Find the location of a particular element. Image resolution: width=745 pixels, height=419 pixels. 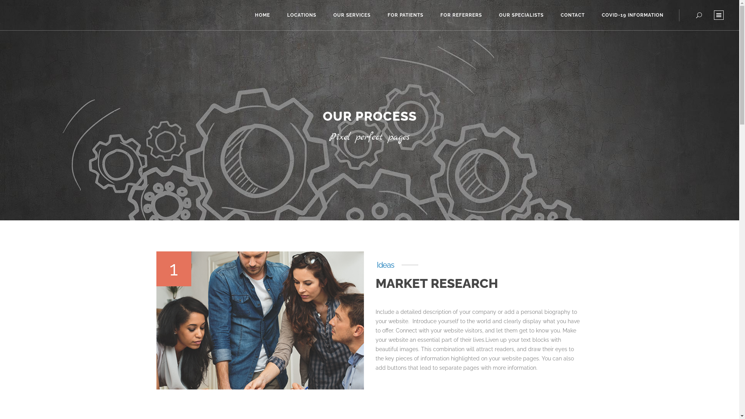

'OUR SERVICES' is located at coordinates (352, 15).